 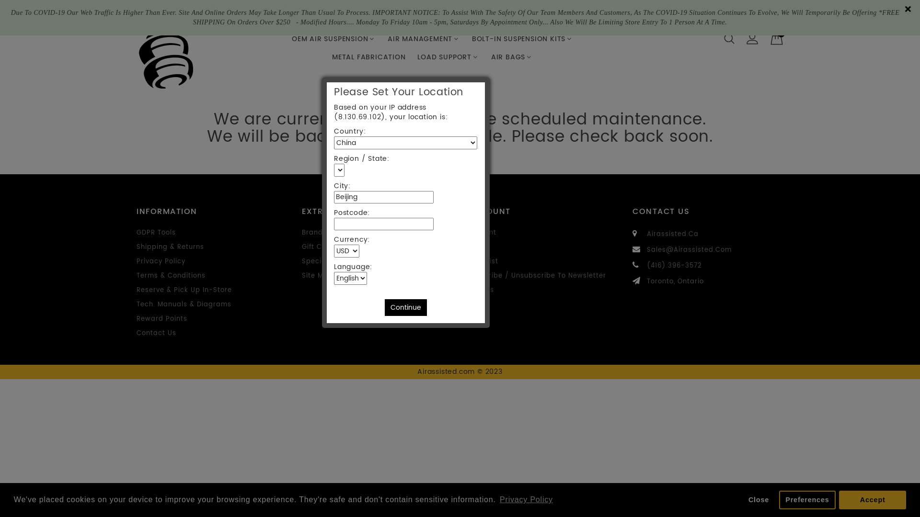 I want to click on 'OEM AIR SUSPENSION', so click(x=333, y=38).